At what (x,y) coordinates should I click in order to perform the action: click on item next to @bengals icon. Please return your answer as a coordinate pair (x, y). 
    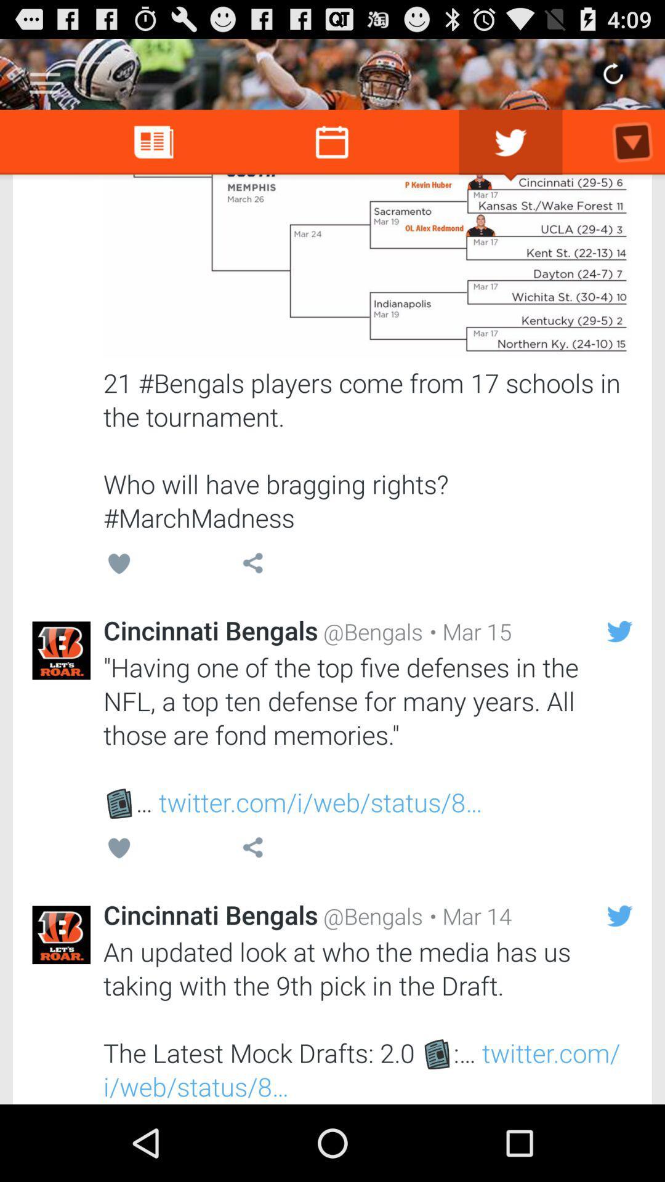
    Looking at the image, I should click on (467, 916).